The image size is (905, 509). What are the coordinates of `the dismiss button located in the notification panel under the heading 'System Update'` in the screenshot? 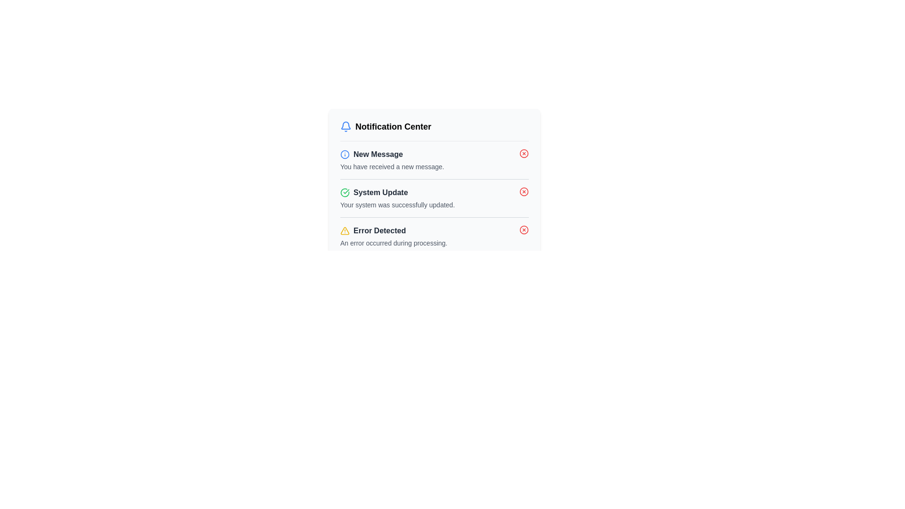 It's located at (524, 191).